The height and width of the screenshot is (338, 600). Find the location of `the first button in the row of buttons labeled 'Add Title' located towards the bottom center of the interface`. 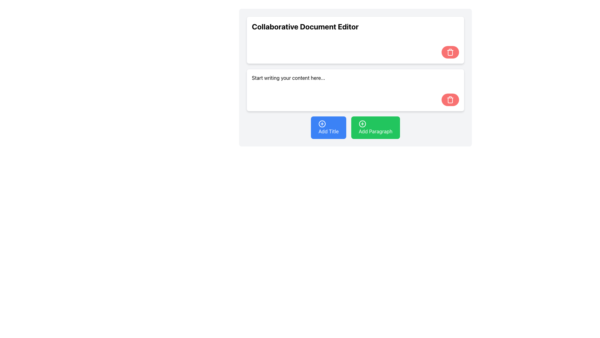

the first button in the row of buttons labeled 'Add Title' located towards the bottom center of the interface is located at coordinates (328, 127).